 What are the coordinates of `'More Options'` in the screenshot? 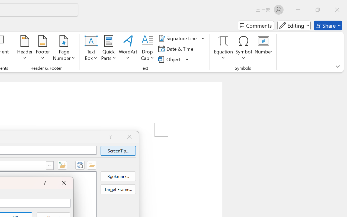 It's located at (223, 56).